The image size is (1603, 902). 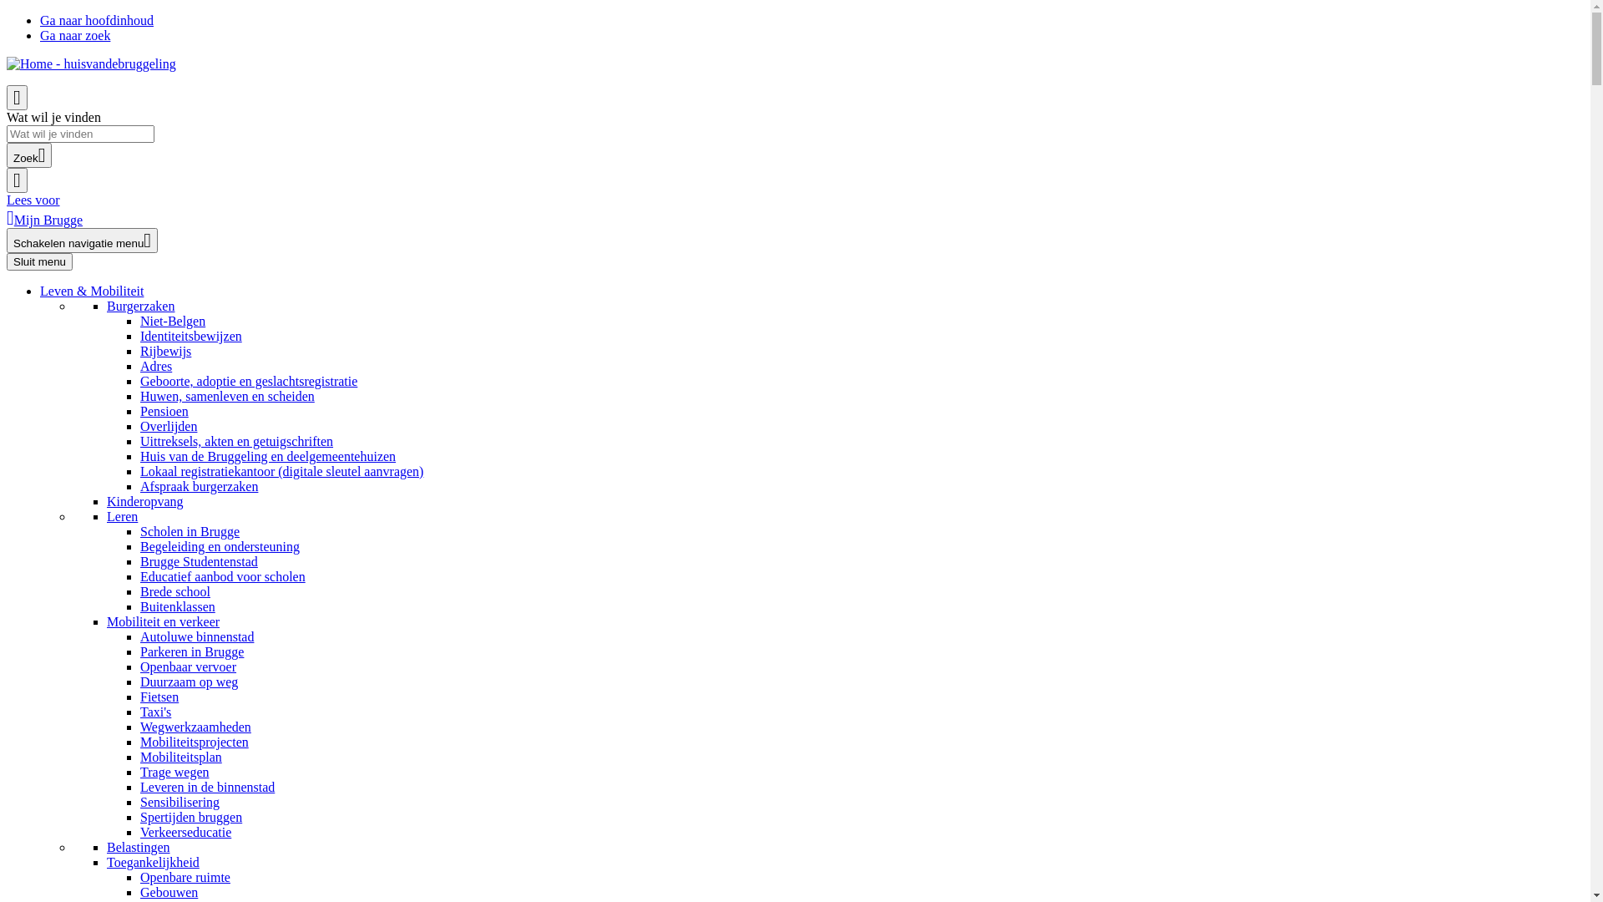 I want to click on 'Brede school', so click(x=175, y=590).